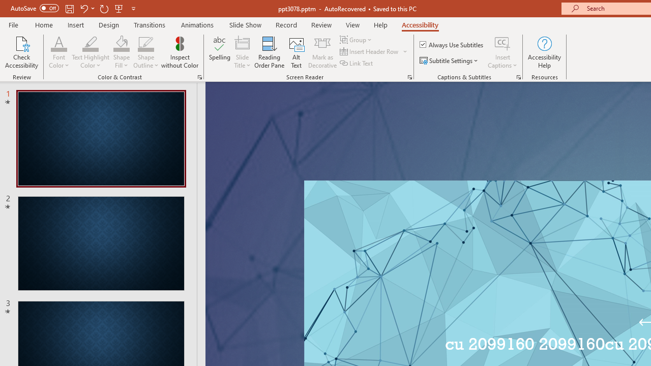 This screenshot has width=651, height=366. What do you see at coordinates (544, 52) in the screenshot?
I see `'Accessibility Help'` at bounding box center [544, 52].